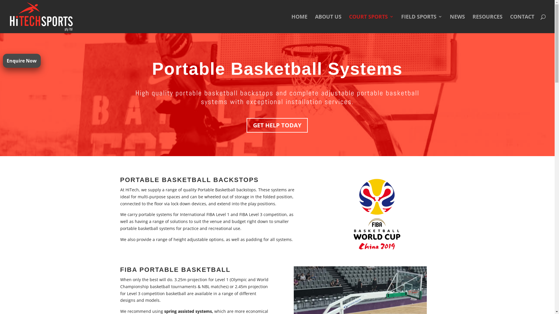 The height and width of the screenshot is (314, 559). Describe the element at coordinates (22, 60) in the screenshot. I see `'Enquire Now'` at that location.